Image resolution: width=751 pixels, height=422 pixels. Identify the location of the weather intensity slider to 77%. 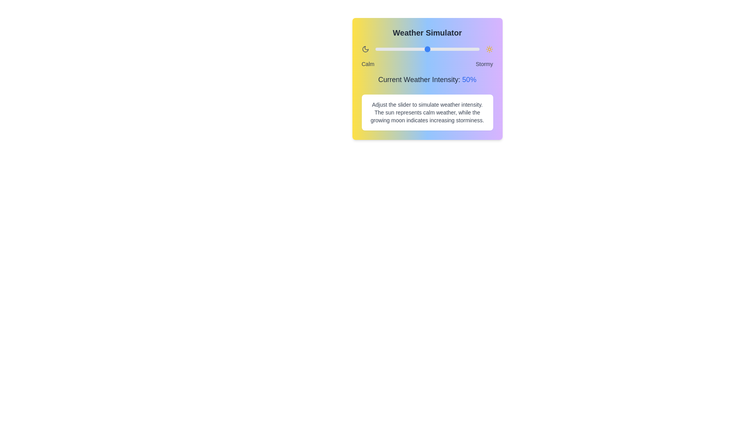
(455, 49).